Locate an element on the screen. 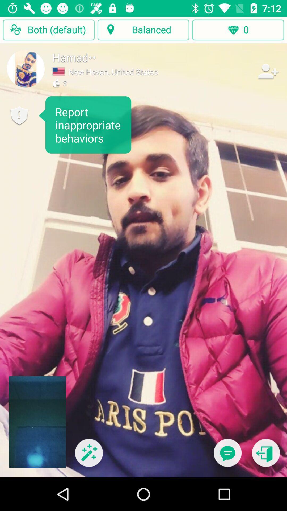 The image size is (287, 511). the warning icon is located at coordinates (19, 116).